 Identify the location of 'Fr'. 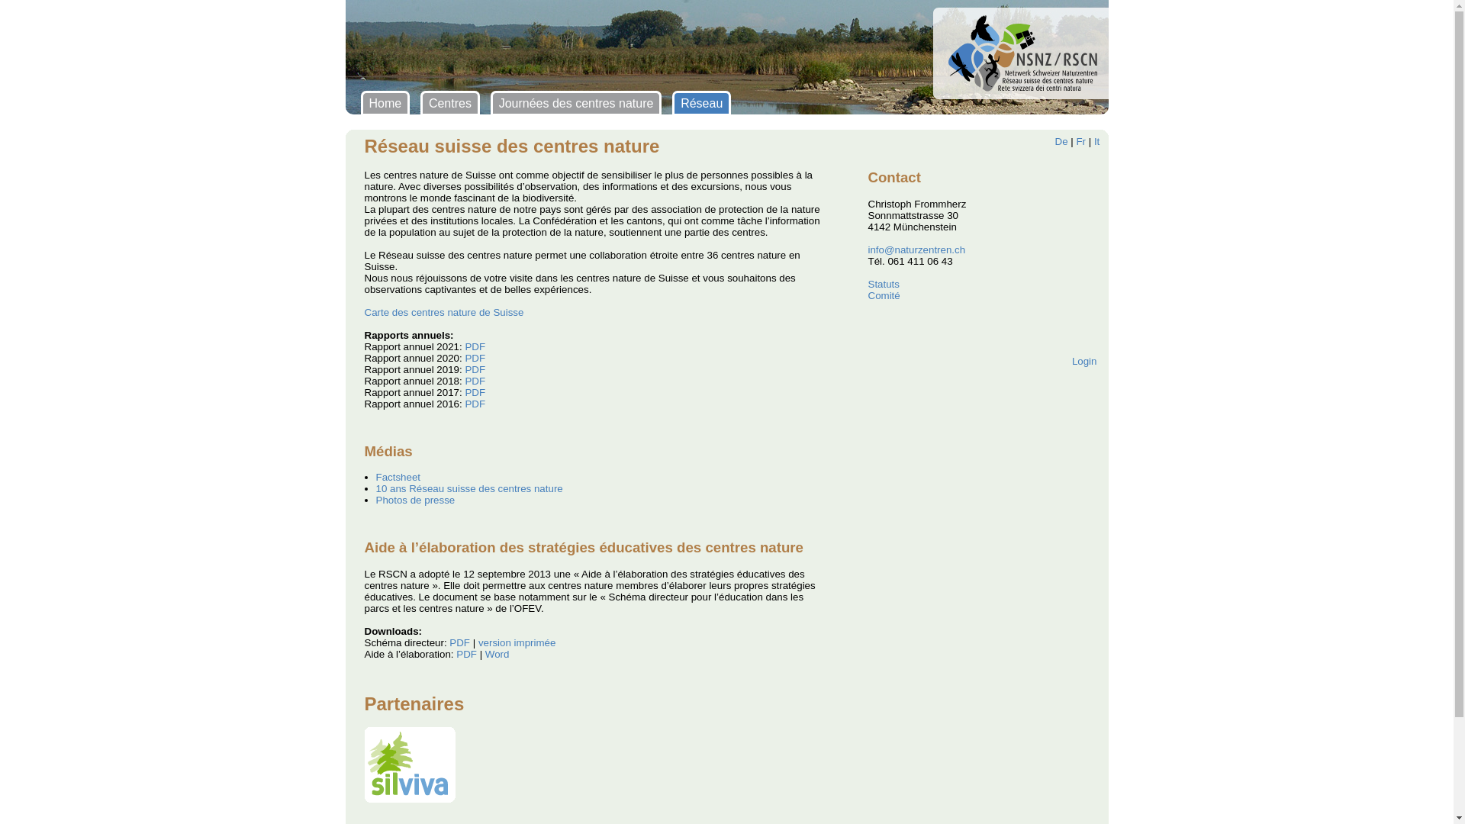
(1080, 141).